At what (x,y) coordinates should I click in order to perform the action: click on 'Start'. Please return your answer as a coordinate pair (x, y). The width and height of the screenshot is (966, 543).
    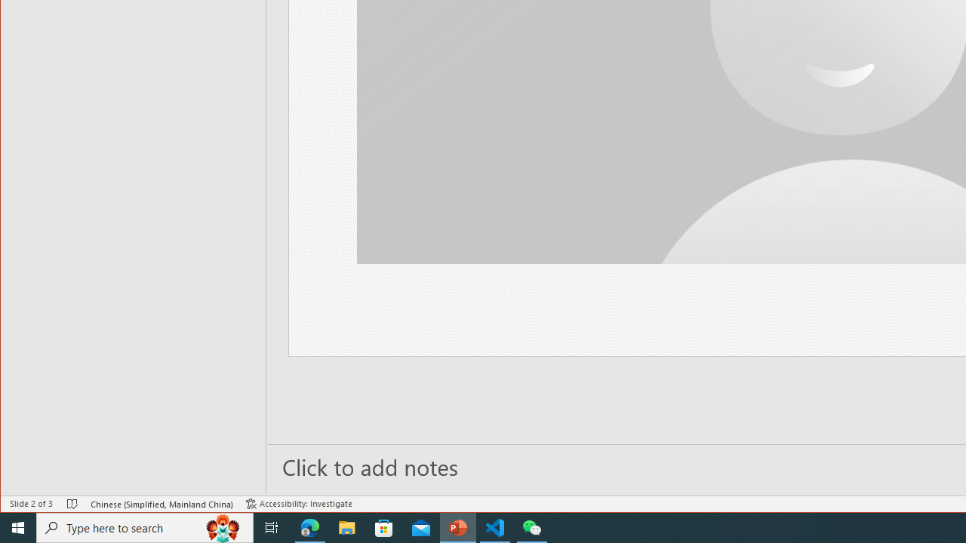
    Looking at the image, I should click on (18, 526).